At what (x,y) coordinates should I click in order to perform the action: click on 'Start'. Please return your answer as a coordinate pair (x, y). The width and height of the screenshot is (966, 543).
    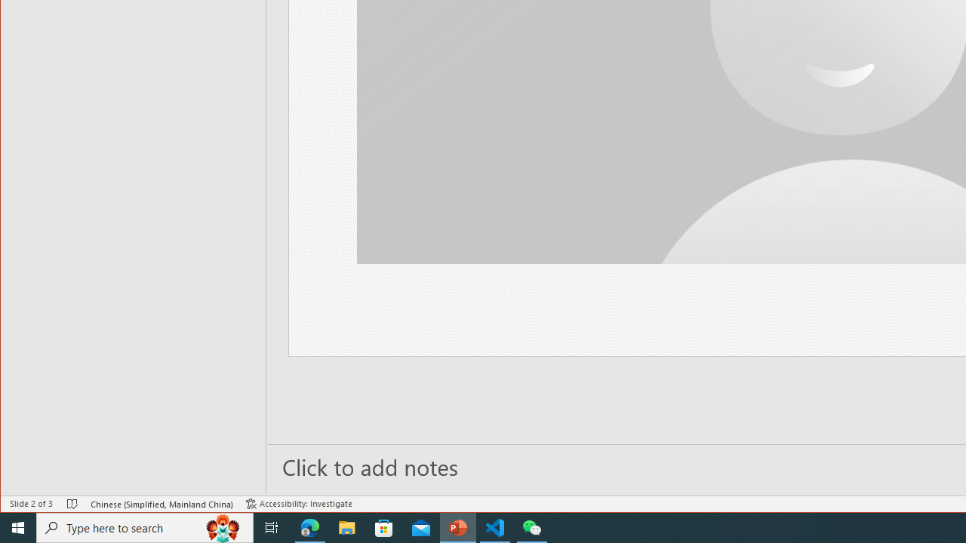
    Looking at the image, I should click on (18, 526).